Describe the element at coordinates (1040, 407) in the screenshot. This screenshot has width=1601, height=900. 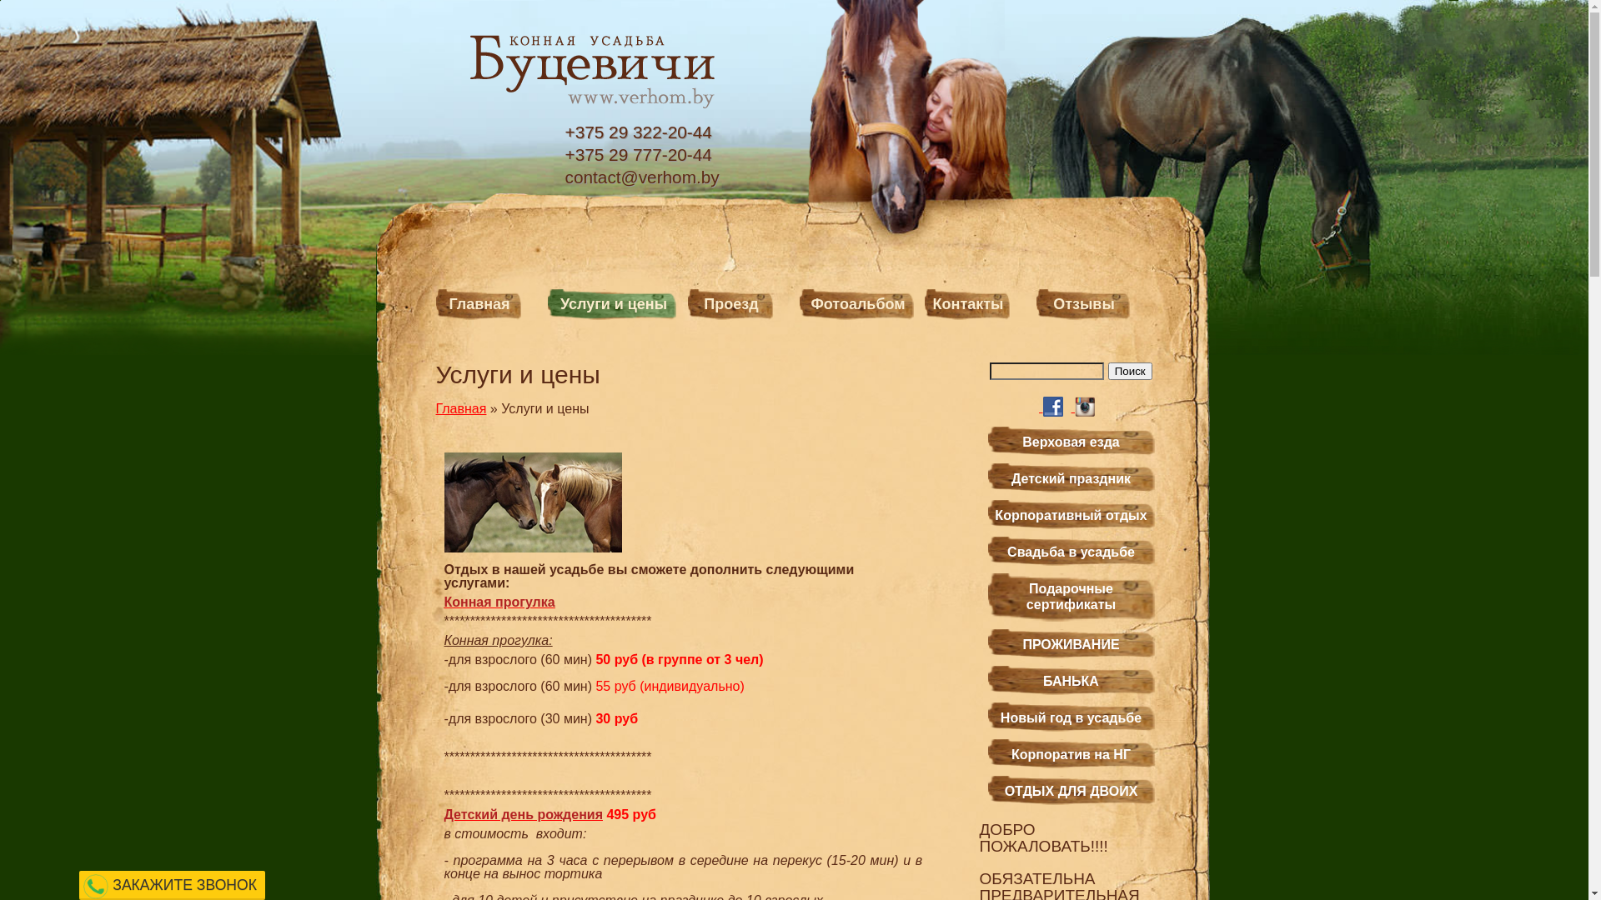
I see `' '` at that location.